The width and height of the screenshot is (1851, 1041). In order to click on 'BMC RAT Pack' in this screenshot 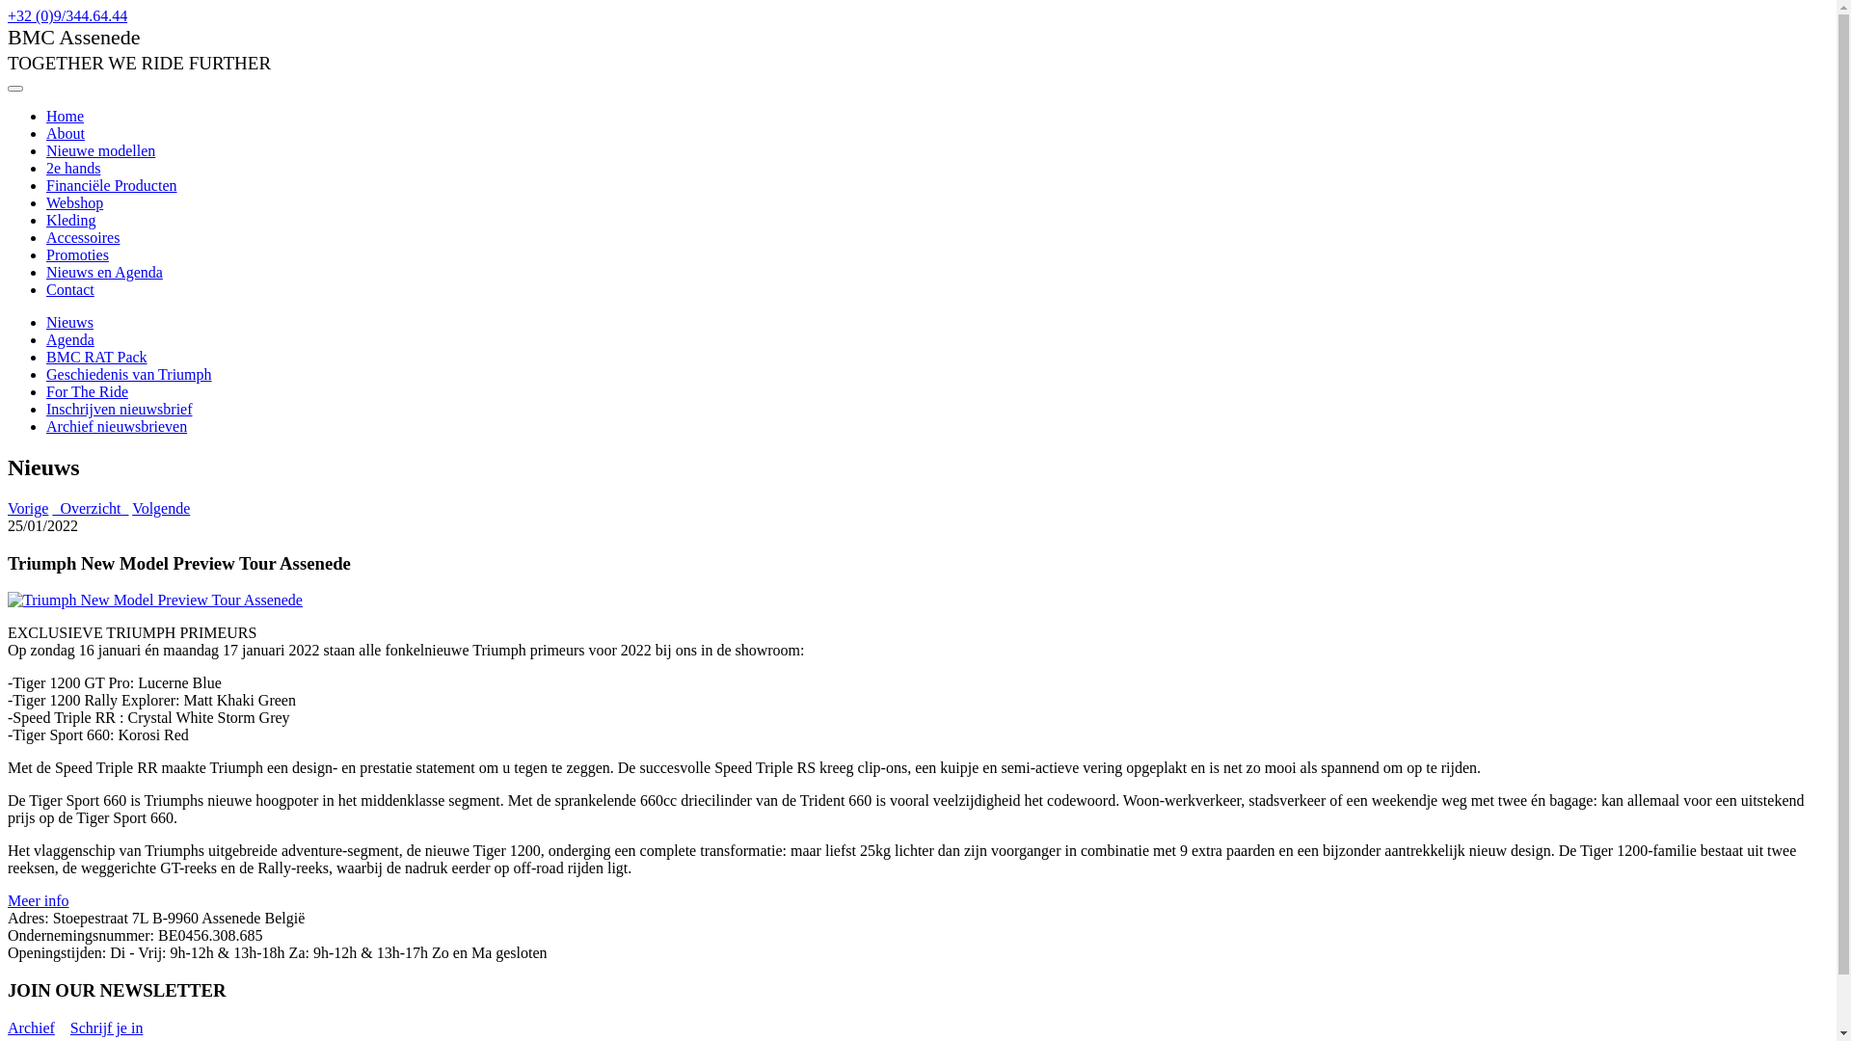, I will do `click(95, 357)`.